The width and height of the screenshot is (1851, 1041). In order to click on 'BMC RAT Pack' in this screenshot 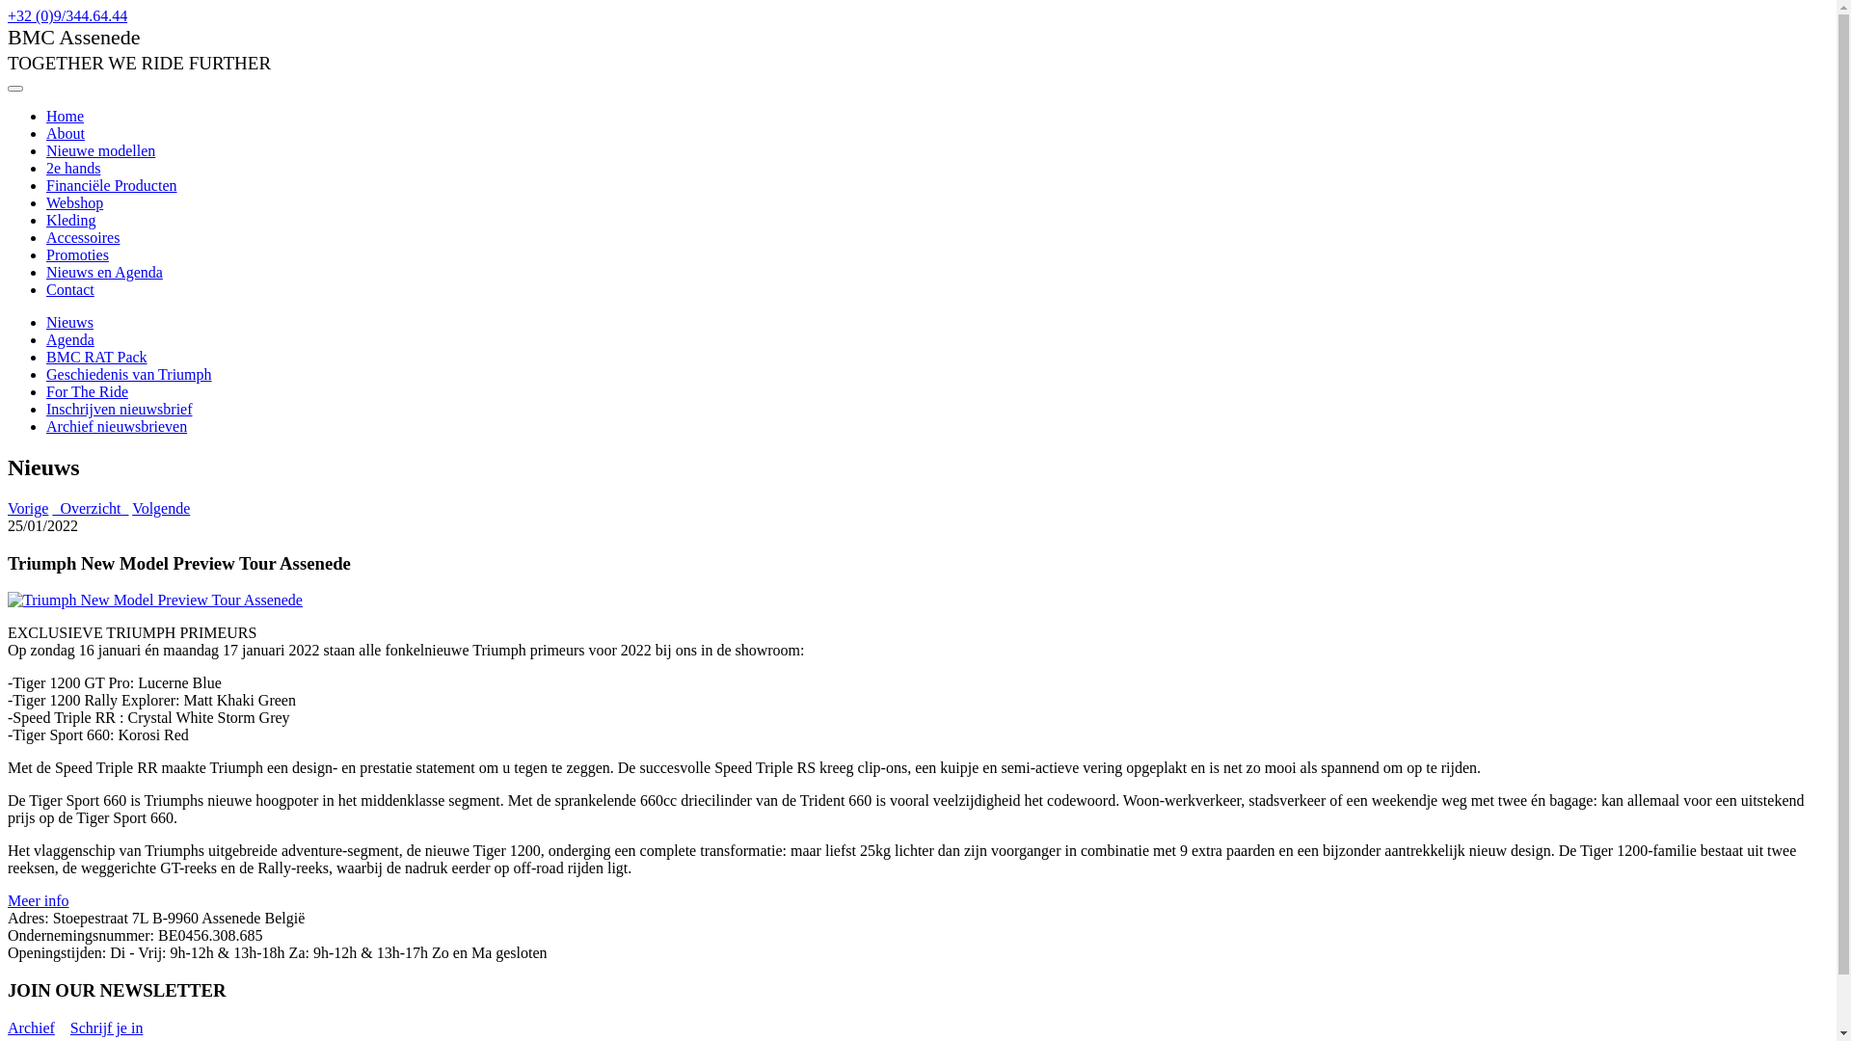, I will do `click(95, 357)`.